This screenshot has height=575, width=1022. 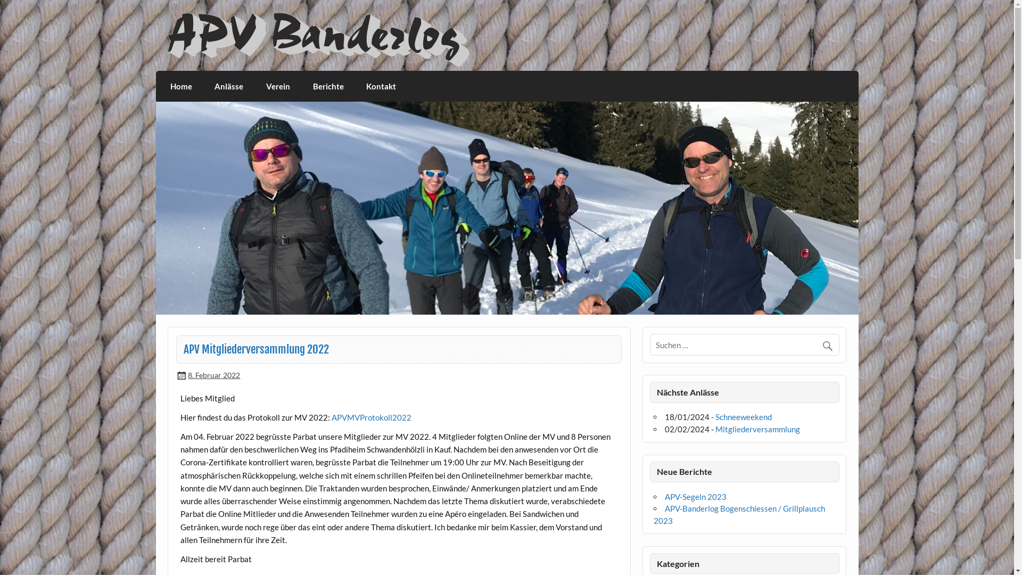 What do you see at coordinates (695, 497) in the screenshot?
I see `'APV-Segeln 2023'` at bounding box center [695, 497].